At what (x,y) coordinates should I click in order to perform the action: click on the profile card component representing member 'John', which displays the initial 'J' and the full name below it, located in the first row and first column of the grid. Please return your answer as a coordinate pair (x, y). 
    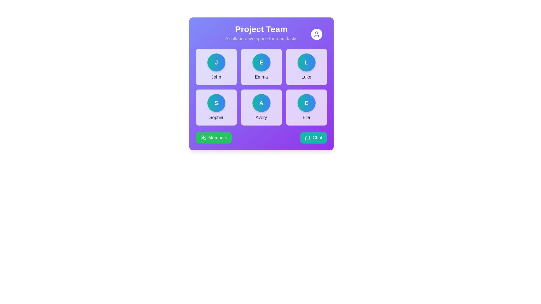
    Looking at the image, I should click on (216, 67).